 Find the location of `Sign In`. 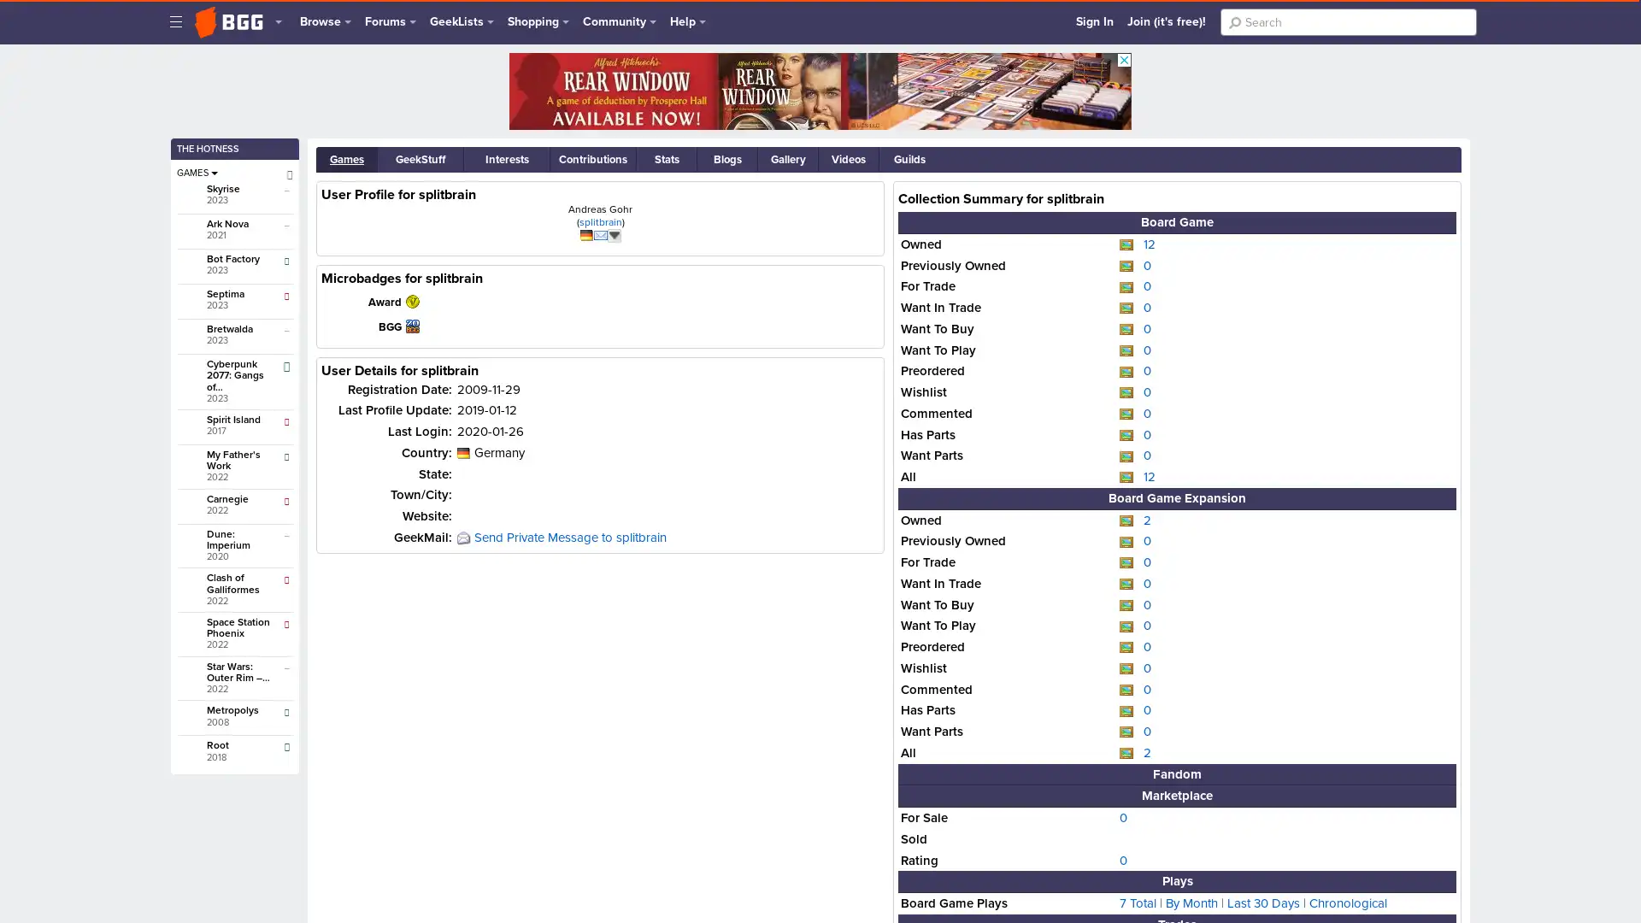

Sign In is located at coordinates (1095, 21).